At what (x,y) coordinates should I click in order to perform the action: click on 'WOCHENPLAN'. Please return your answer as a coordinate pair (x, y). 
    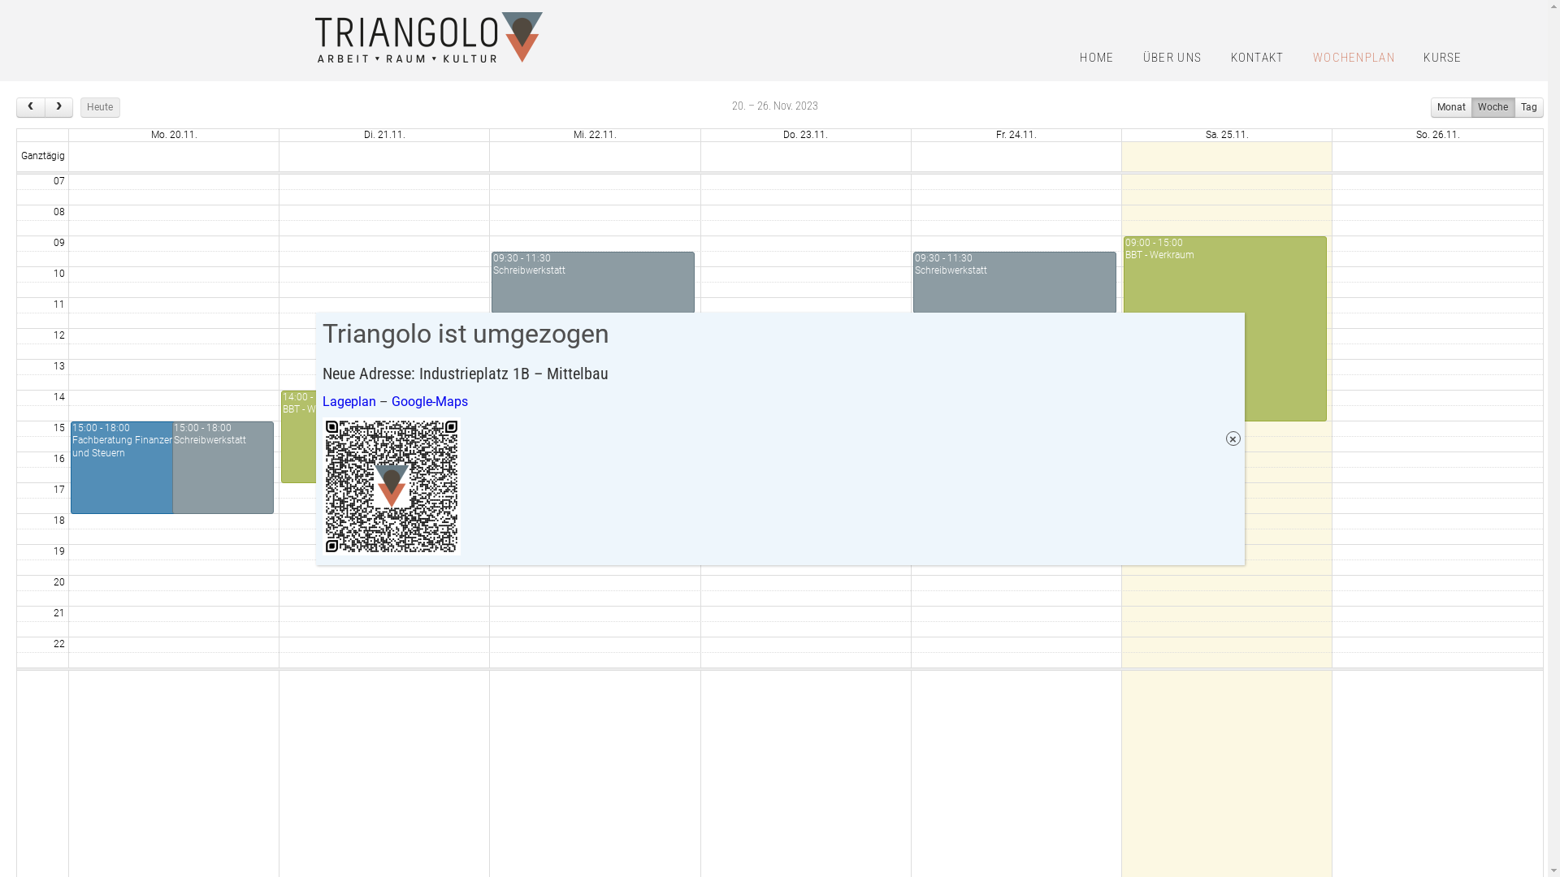
    Looking at the image, I should click on (1354, 58).